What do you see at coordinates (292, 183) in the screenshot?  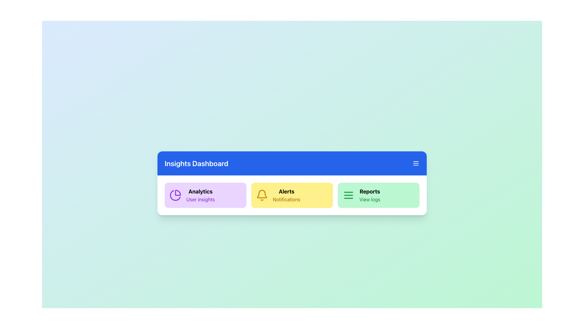 I see `the second rectangular yellow card with rounded corners in the Insights Dashboard section` at bounding box center [292, 183].